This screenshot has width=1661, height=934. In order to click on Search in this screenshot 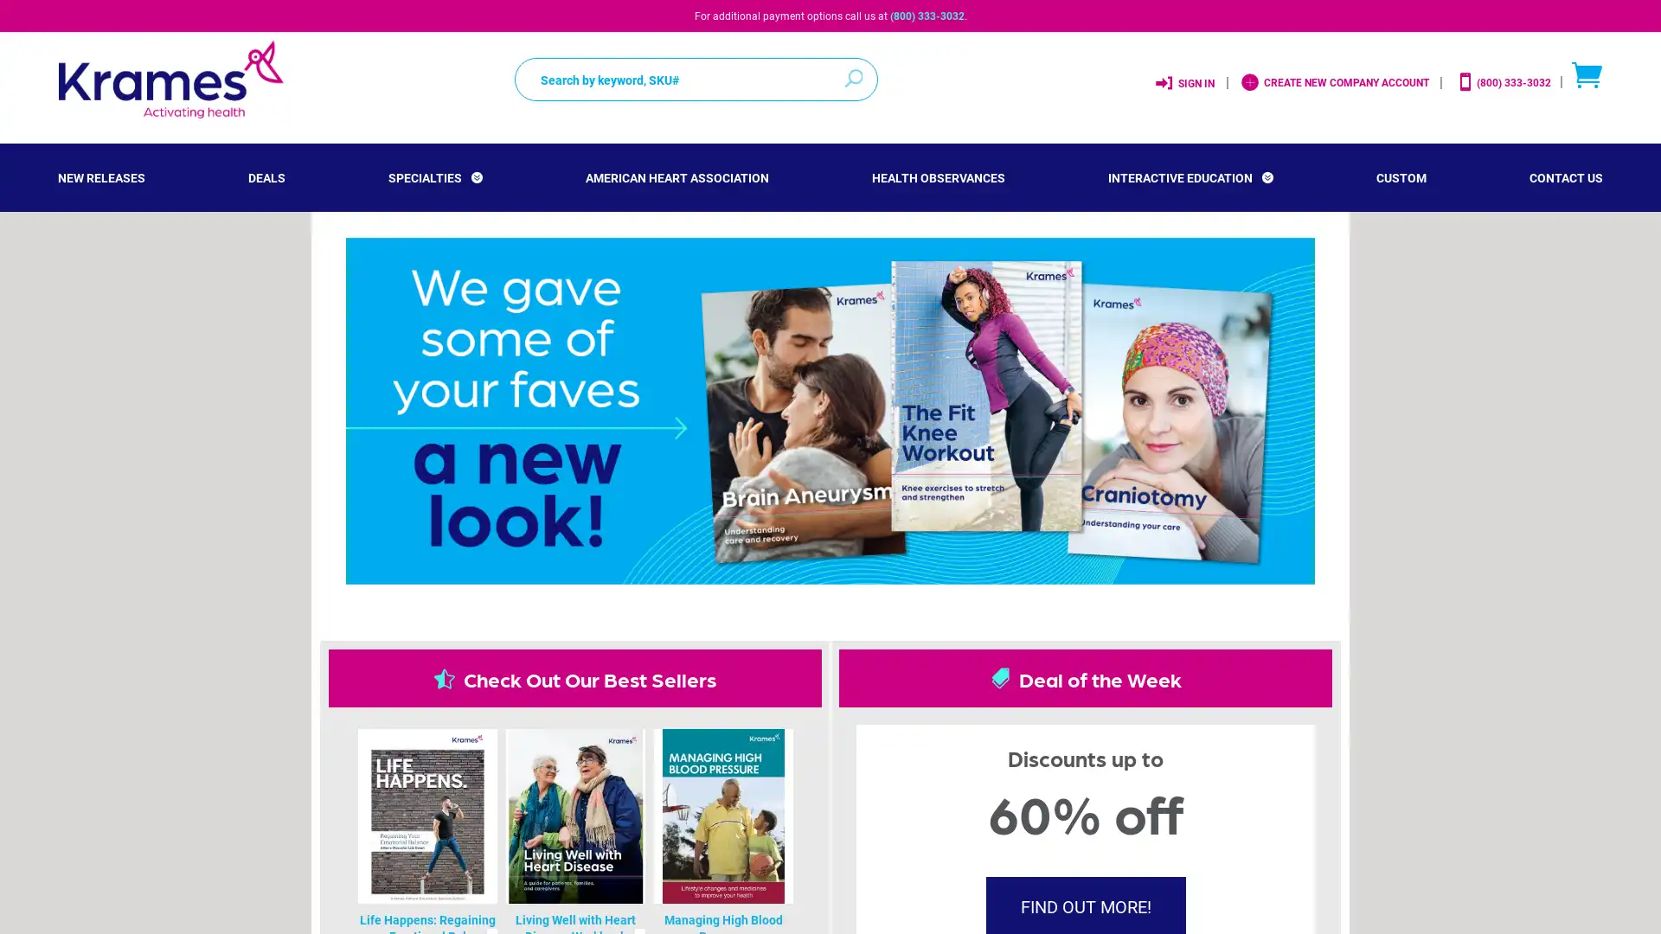, I will do `click(859, 71)`.